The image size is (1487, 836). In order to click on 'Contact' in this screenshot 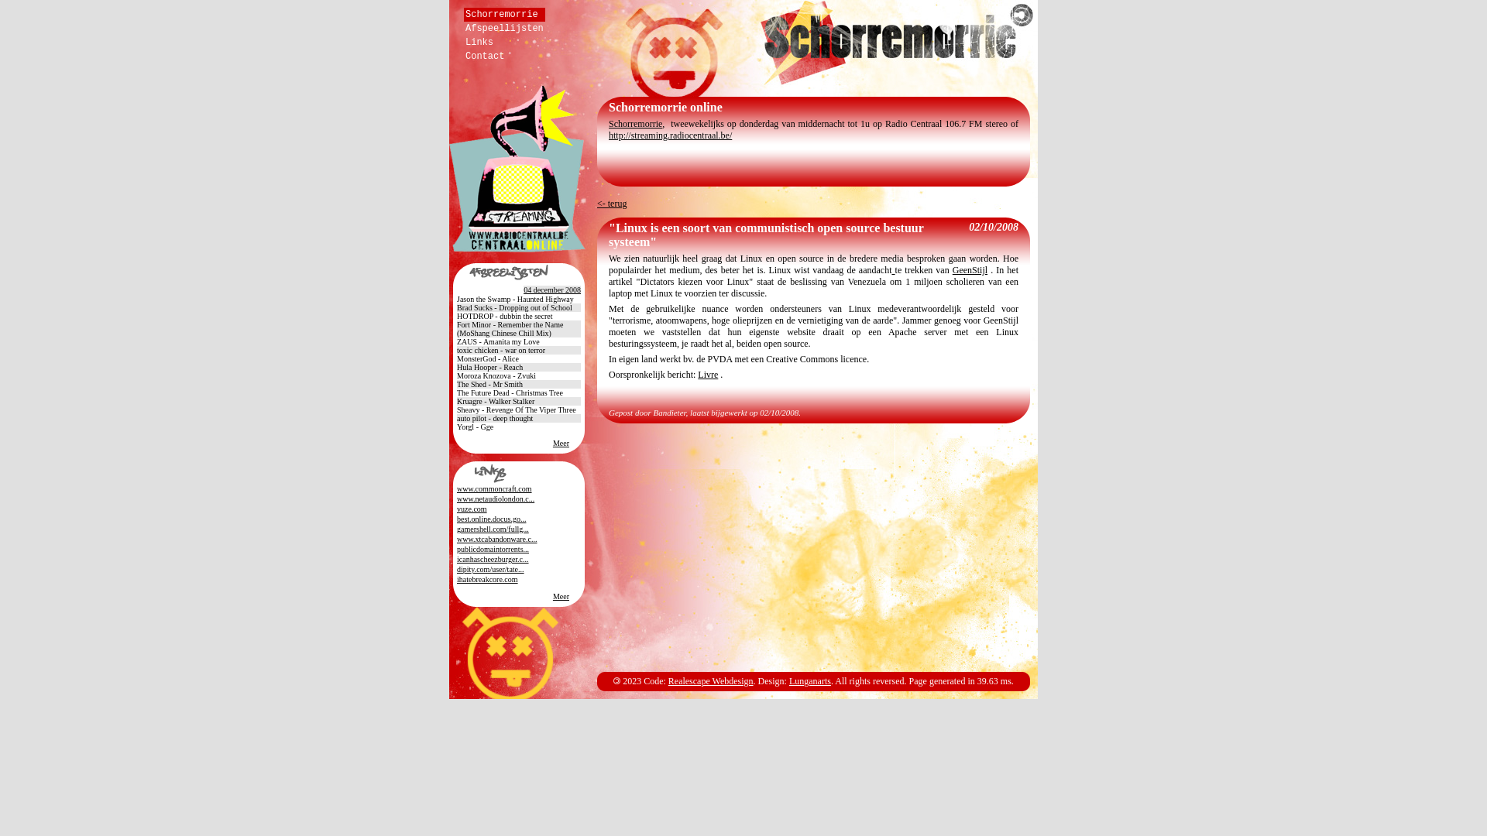, I will do `click(504, 56)`.